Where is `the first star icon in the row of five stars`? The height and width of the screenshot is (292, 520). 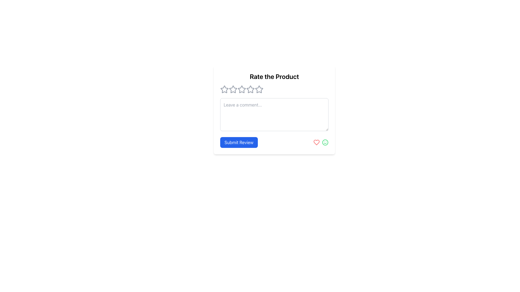
the first star icon in the row of five stars is located at coordinates (224, 89).